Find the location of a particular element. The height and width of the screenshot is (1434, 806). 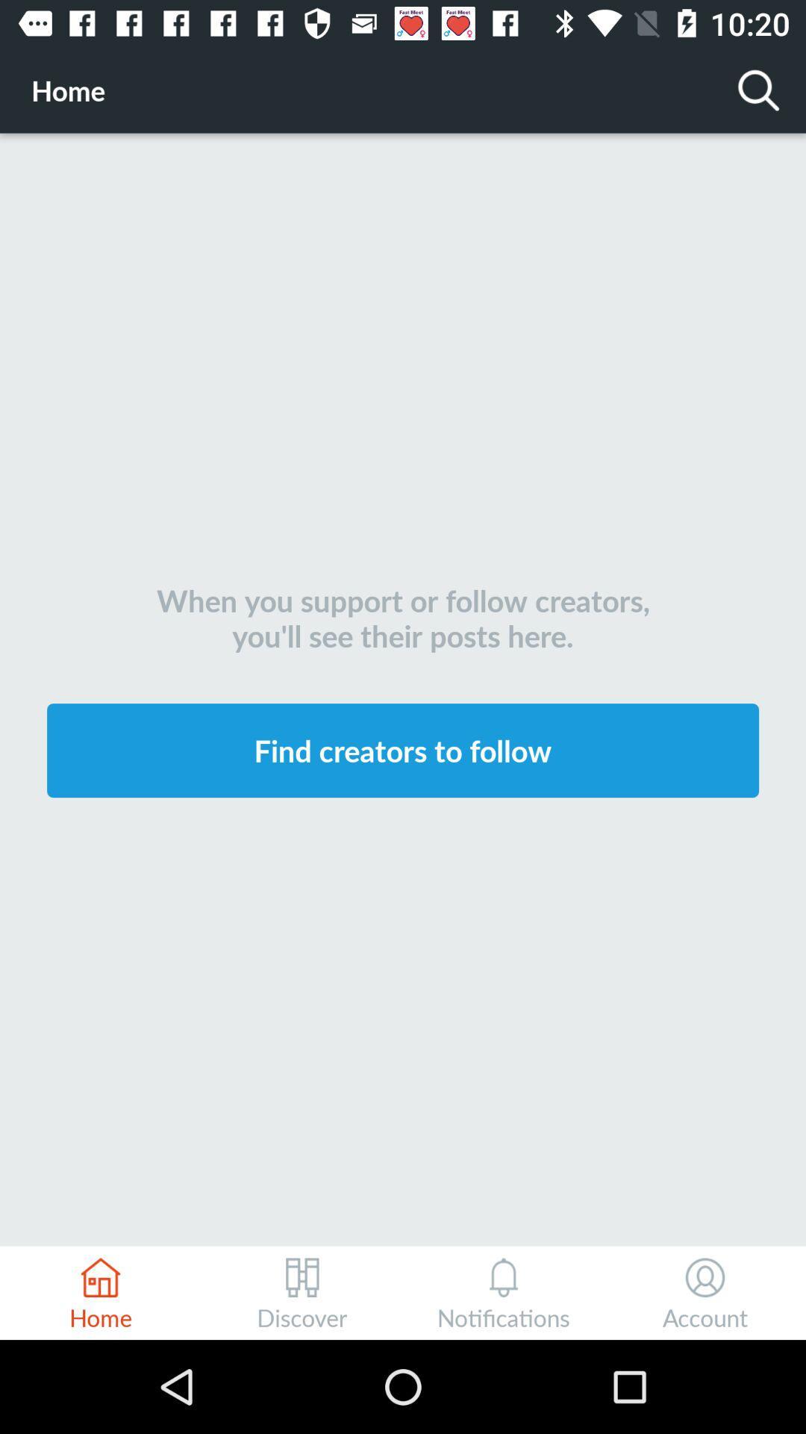

icon below when you support icon is located at coordinates (403, 750).